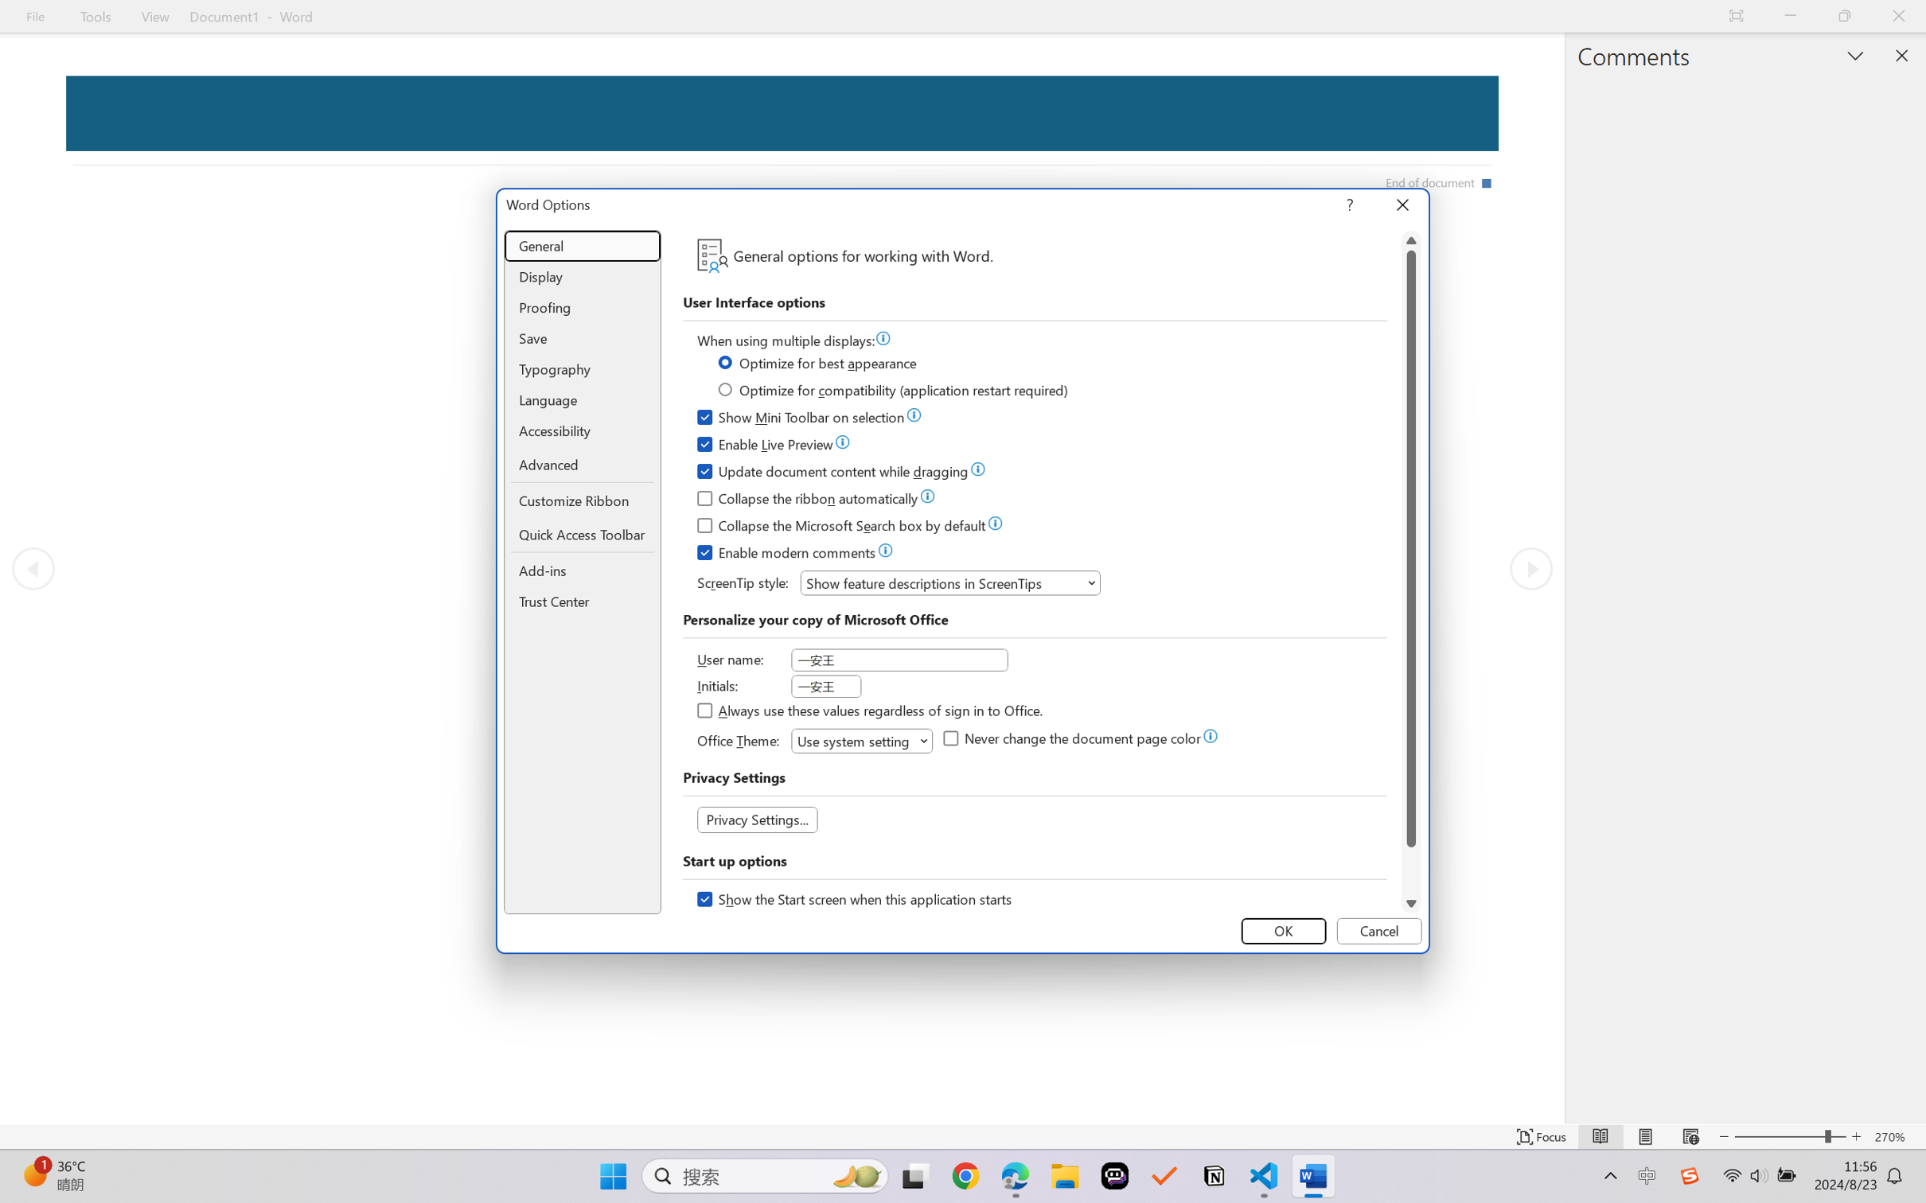  I want to click on 'Increase Text Size', so click(1855, 1136).